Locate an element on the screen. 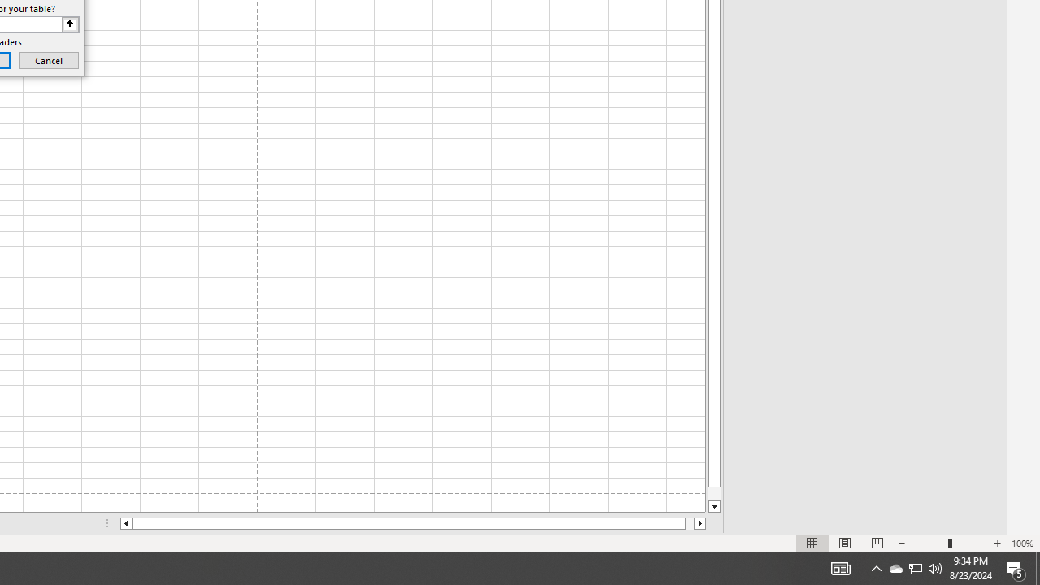 The width and height of the screenshot is (1040, 585). 'Zoom In' is located at coordinates (996, 544).